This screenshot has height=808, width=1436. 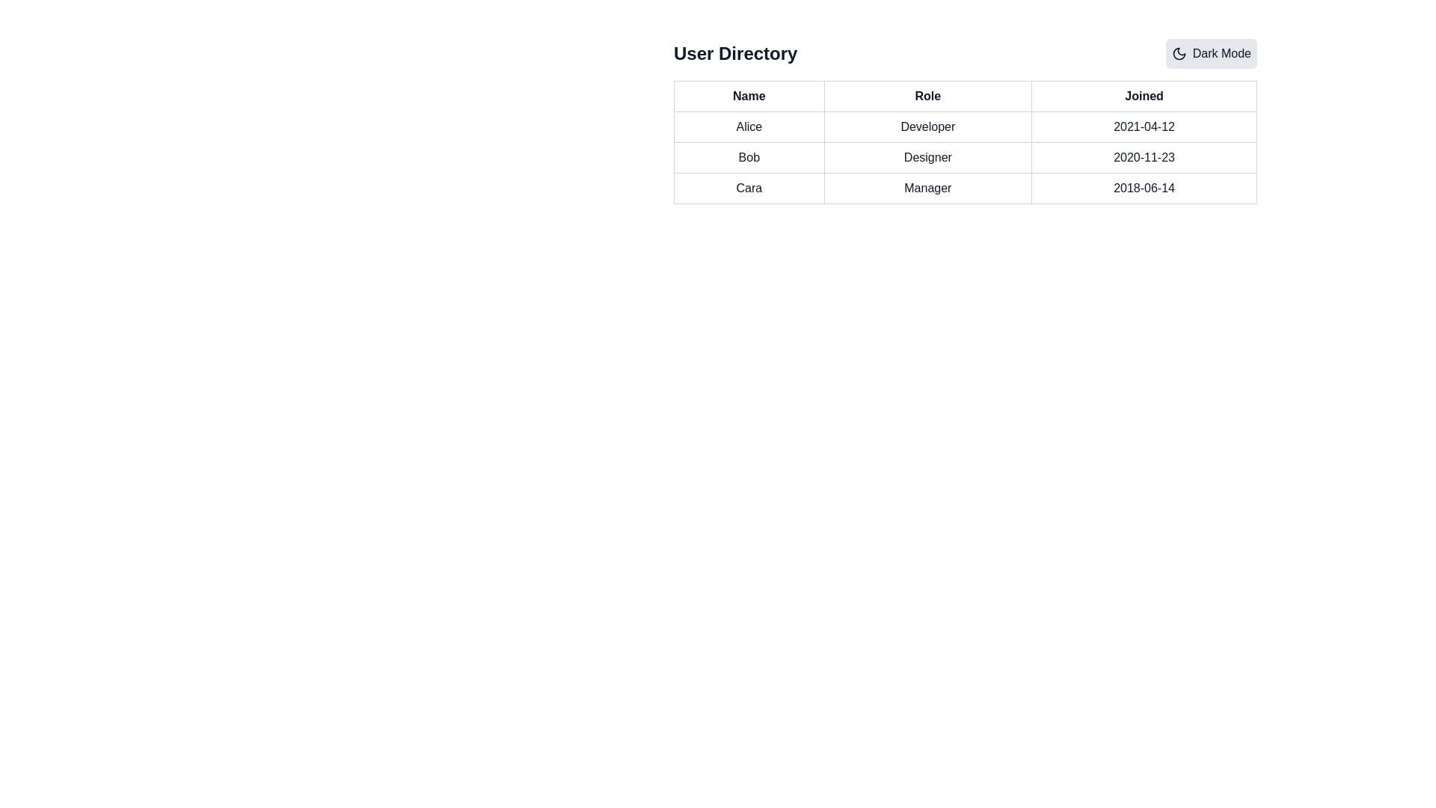 What do you see at coordinates (927, 96) in the screenshot?
I see `the Table Header Cell that identifies the column for roles, located between 'Name' and 'Joined' in the table header` at bounding box center [927, 96].